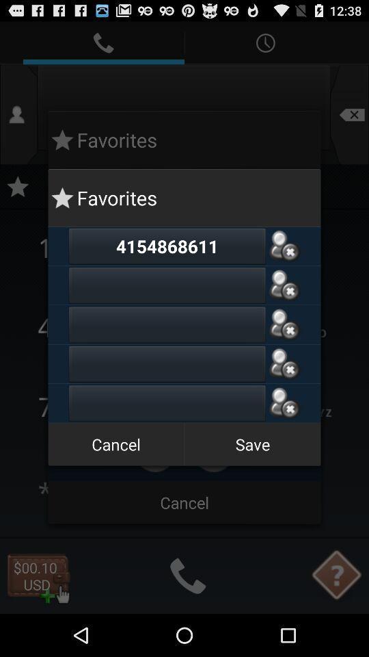  I want to click on number to favorites, so click(167, 324).